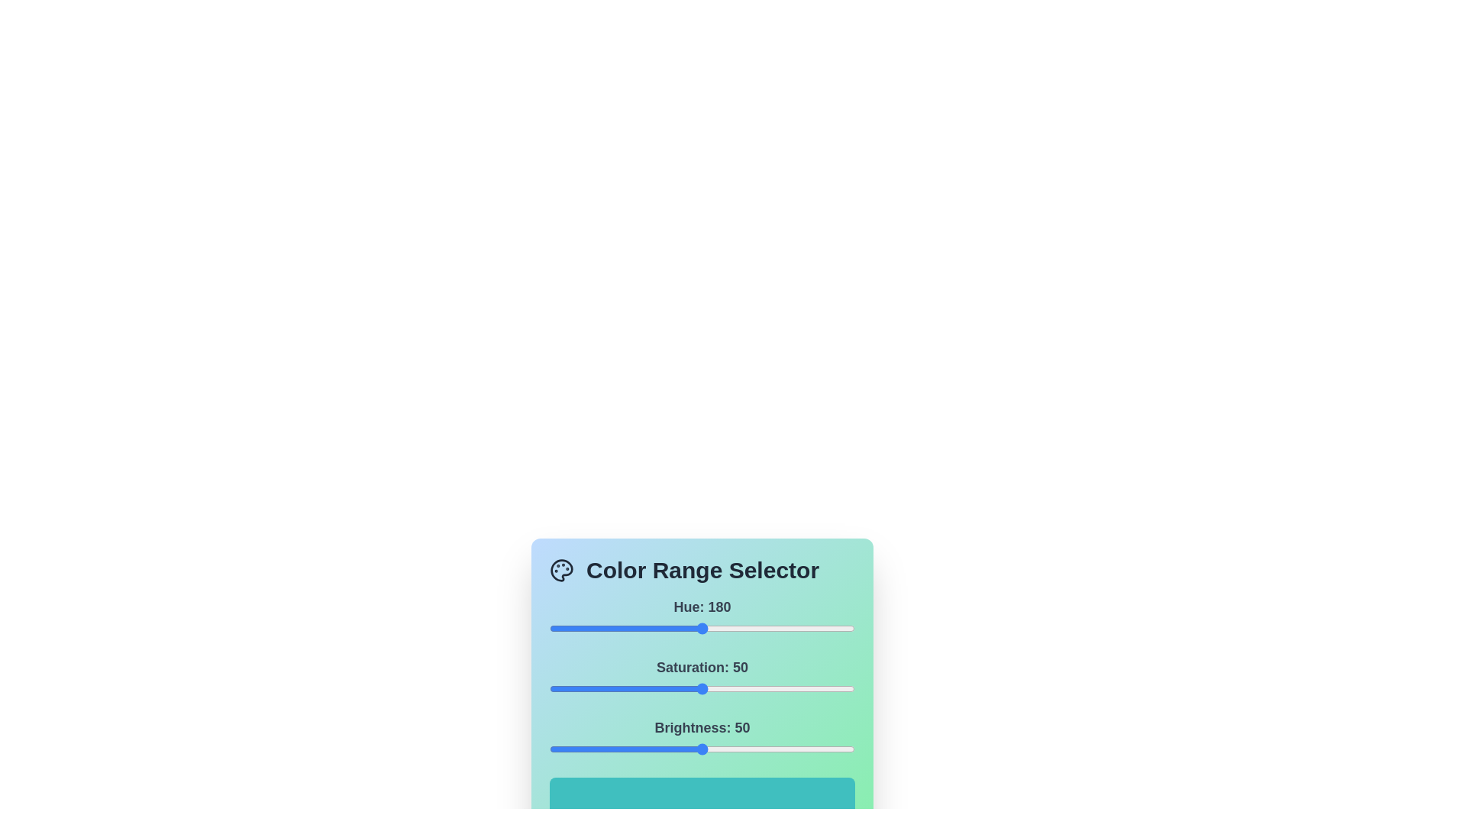 The width and height of the screenshot is (1466, 825). I want to click on the 1 slider to 43, so click(680, 689).